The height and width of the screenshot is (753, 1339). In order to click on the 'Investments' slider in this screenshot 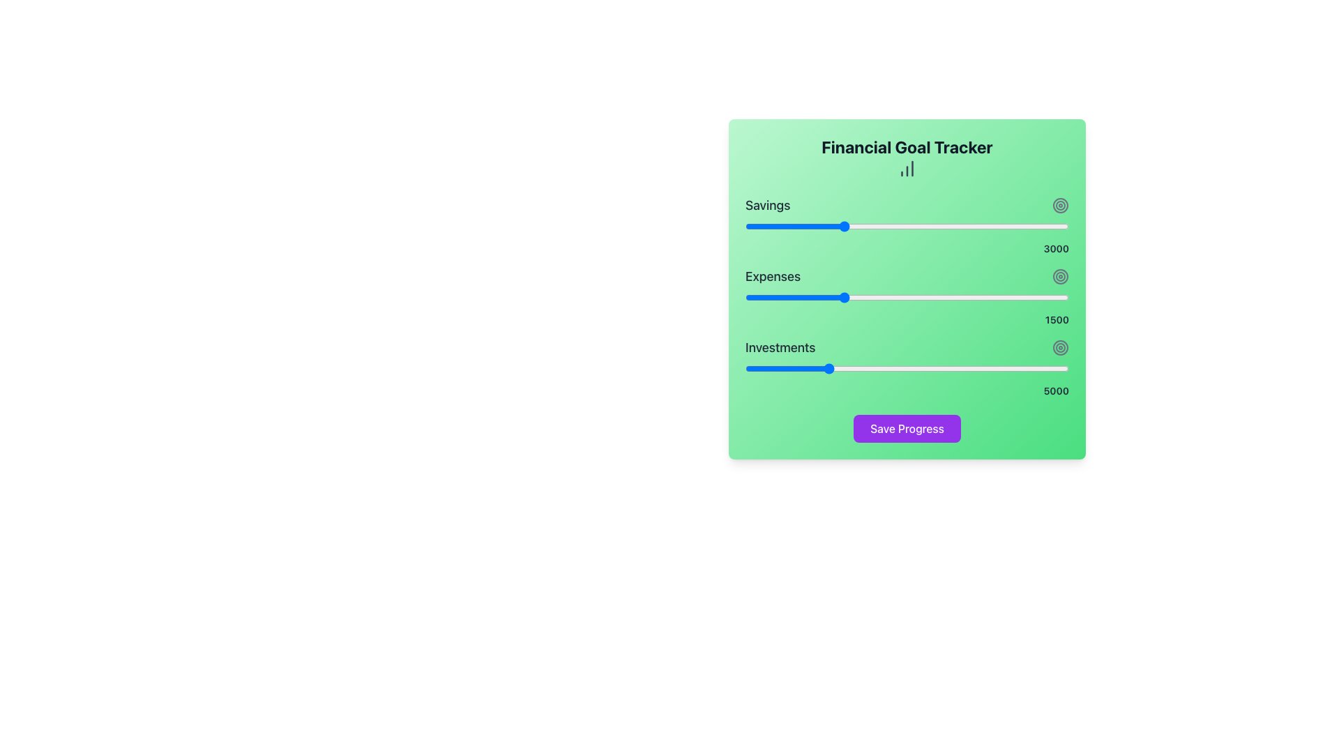, I will do `click(1007, 367)`.